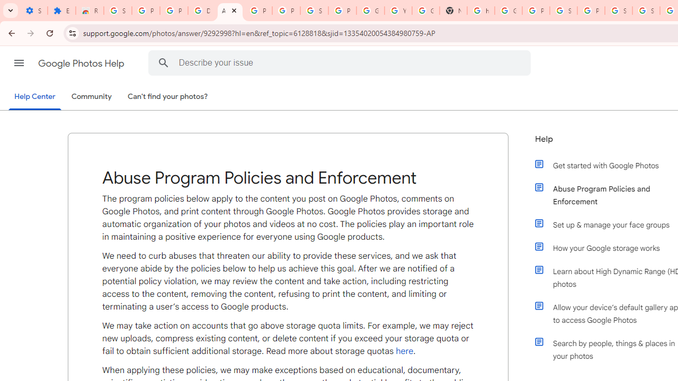  What do you see at coordinates (34, 97) in the screenshot?
I see `'Help Center'` at bounding box center [34, 97].